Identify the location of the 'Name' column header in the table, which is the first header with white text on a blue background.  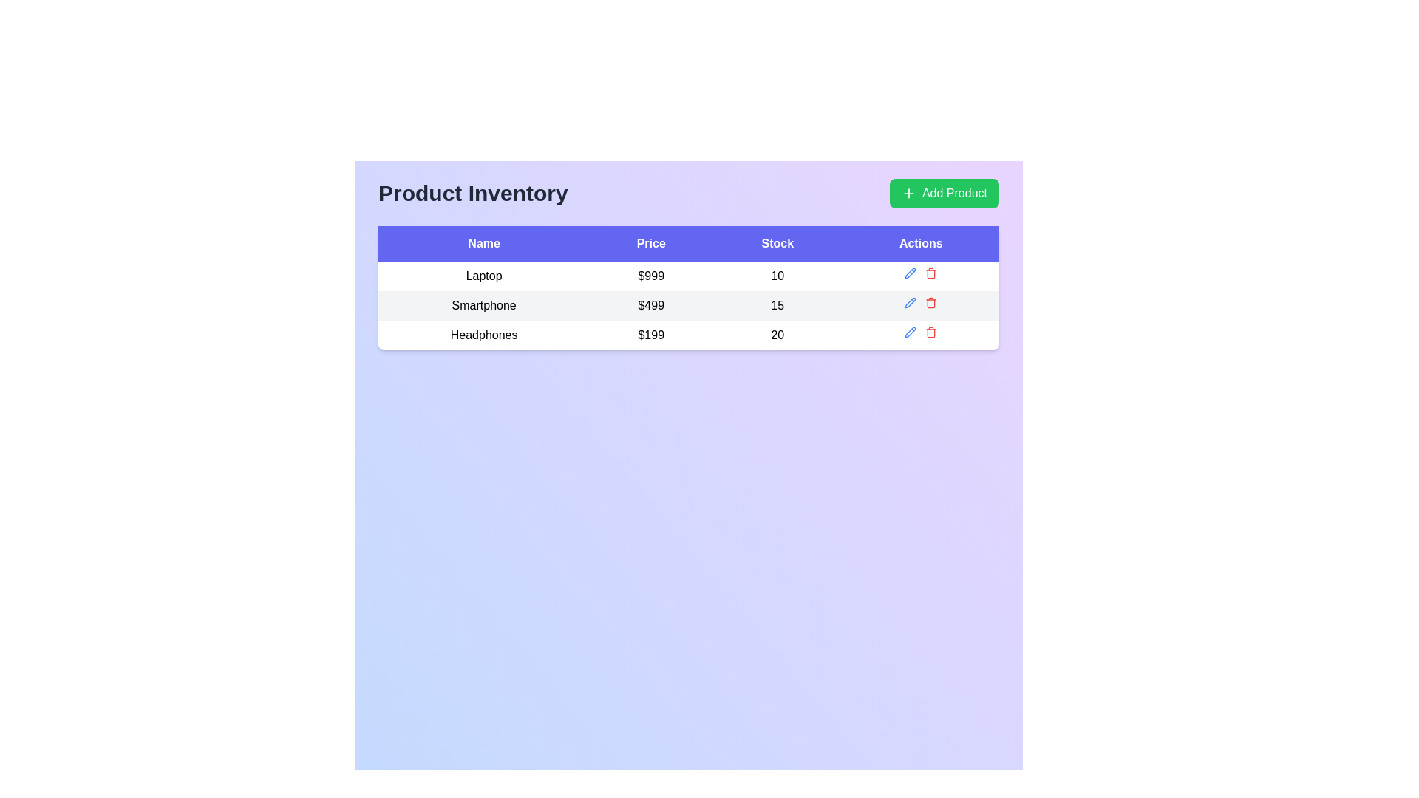
(484, 243).